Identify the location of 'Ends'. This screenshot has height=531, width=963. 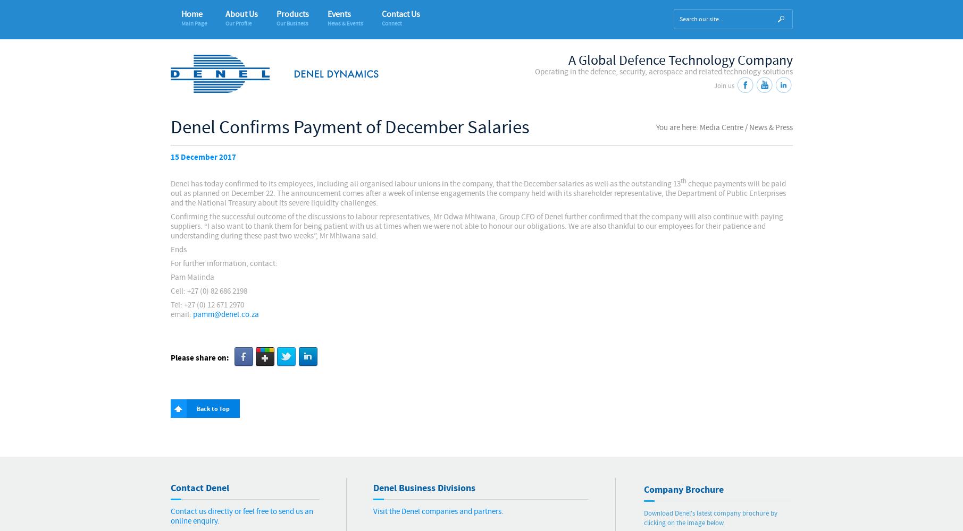
(170, 249).